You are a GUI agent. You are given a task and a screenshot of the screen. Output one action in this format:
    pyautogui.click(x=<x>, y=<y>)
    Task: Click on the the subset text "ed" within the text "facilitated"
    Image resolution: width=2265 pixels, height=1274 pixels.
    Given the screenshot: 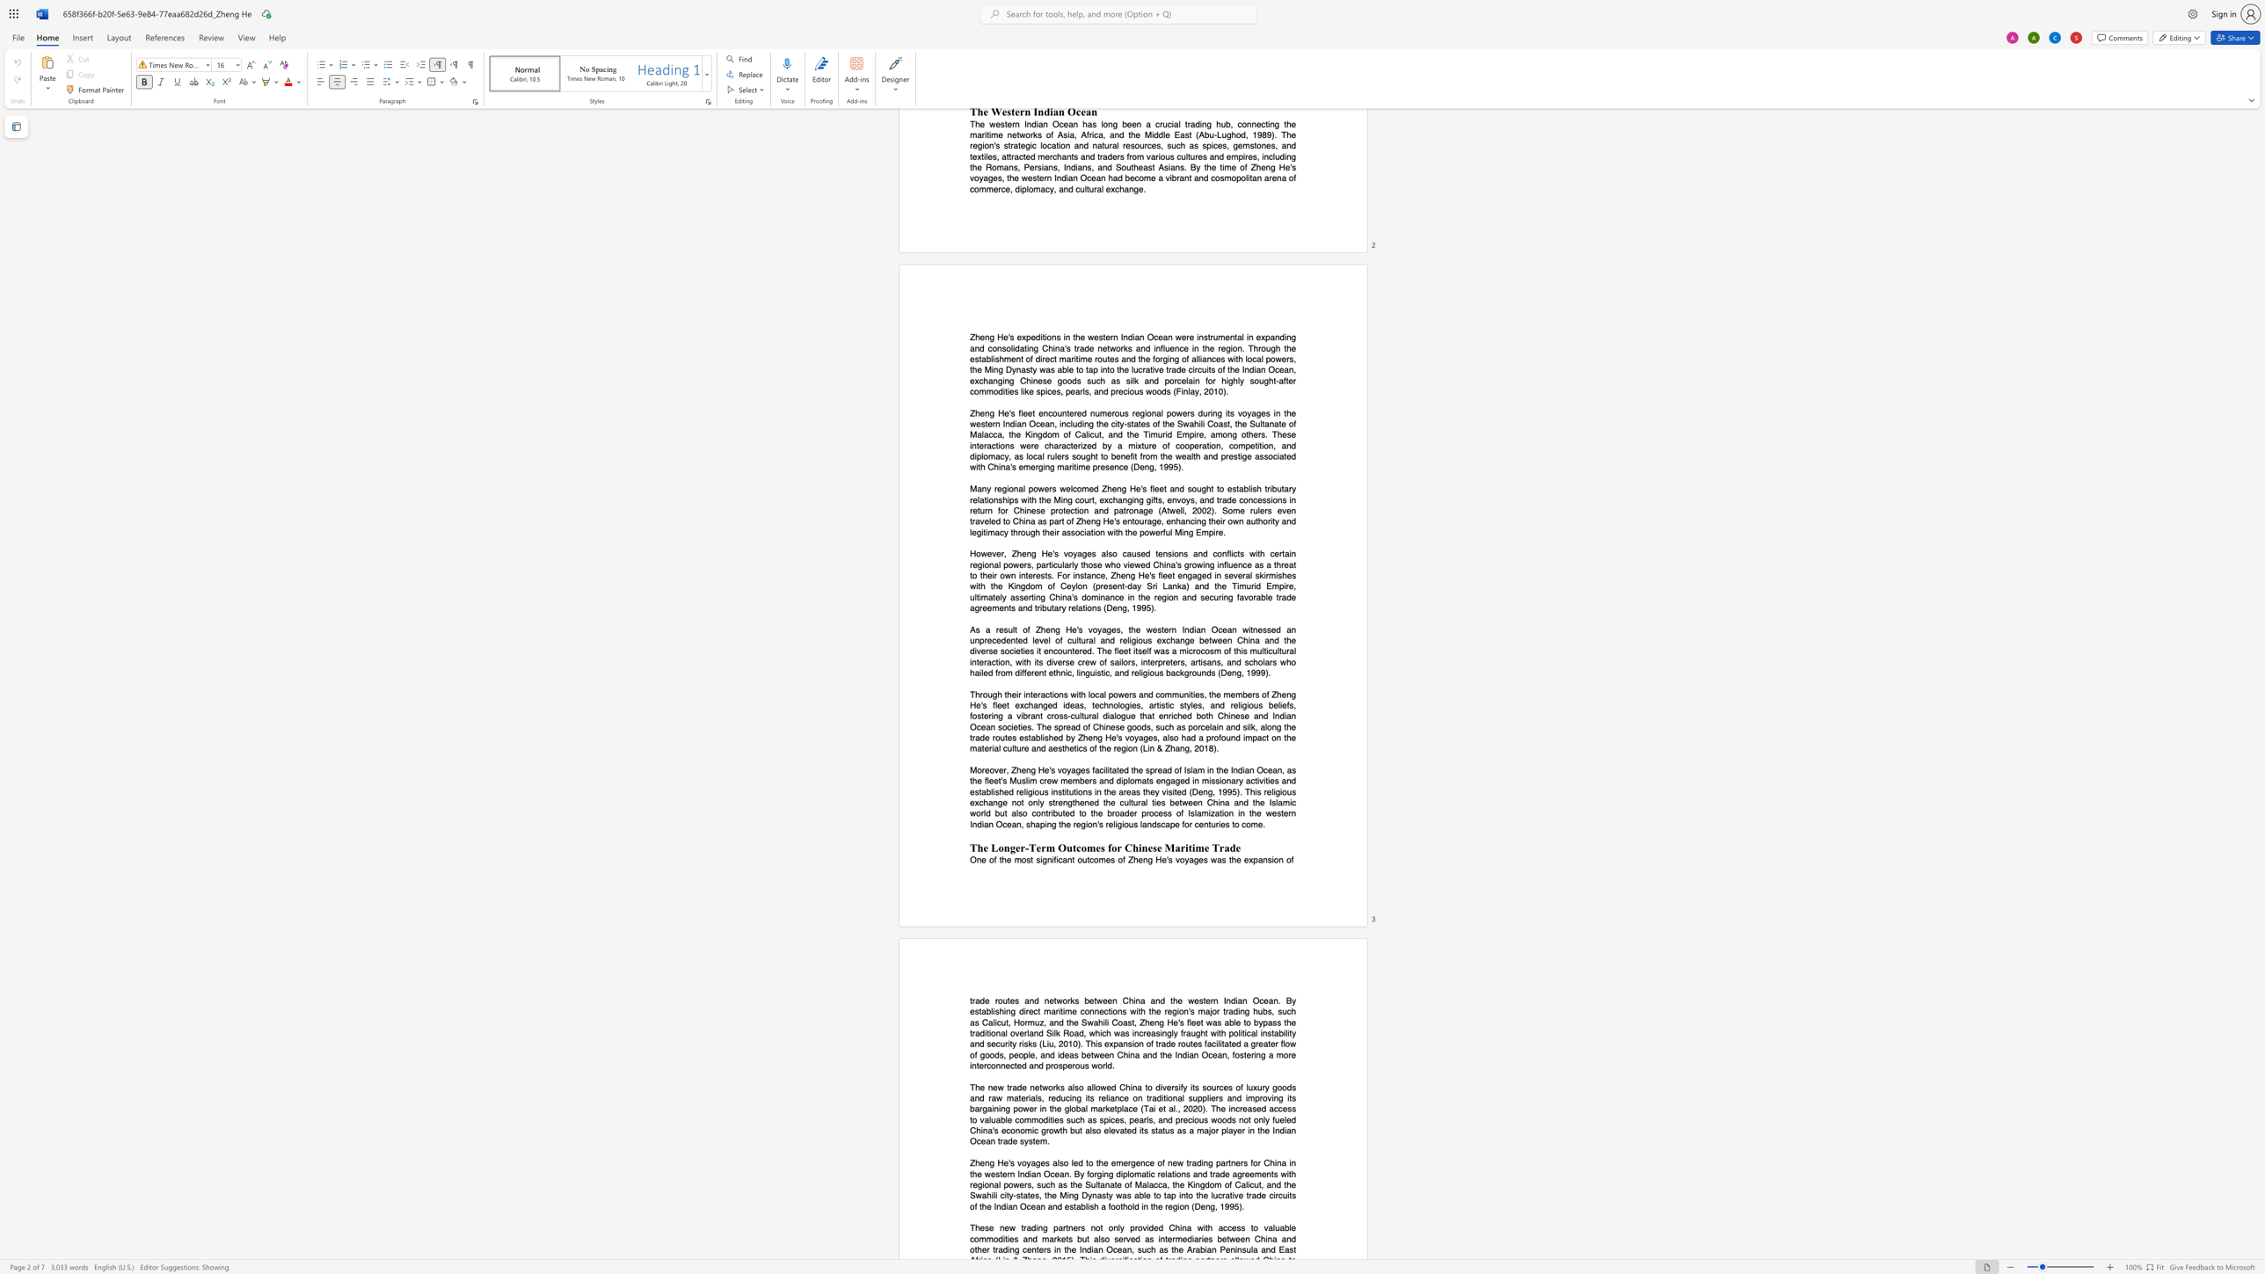 What is the action you would take?
    pyautogui.click(x=1118, y=769)
    